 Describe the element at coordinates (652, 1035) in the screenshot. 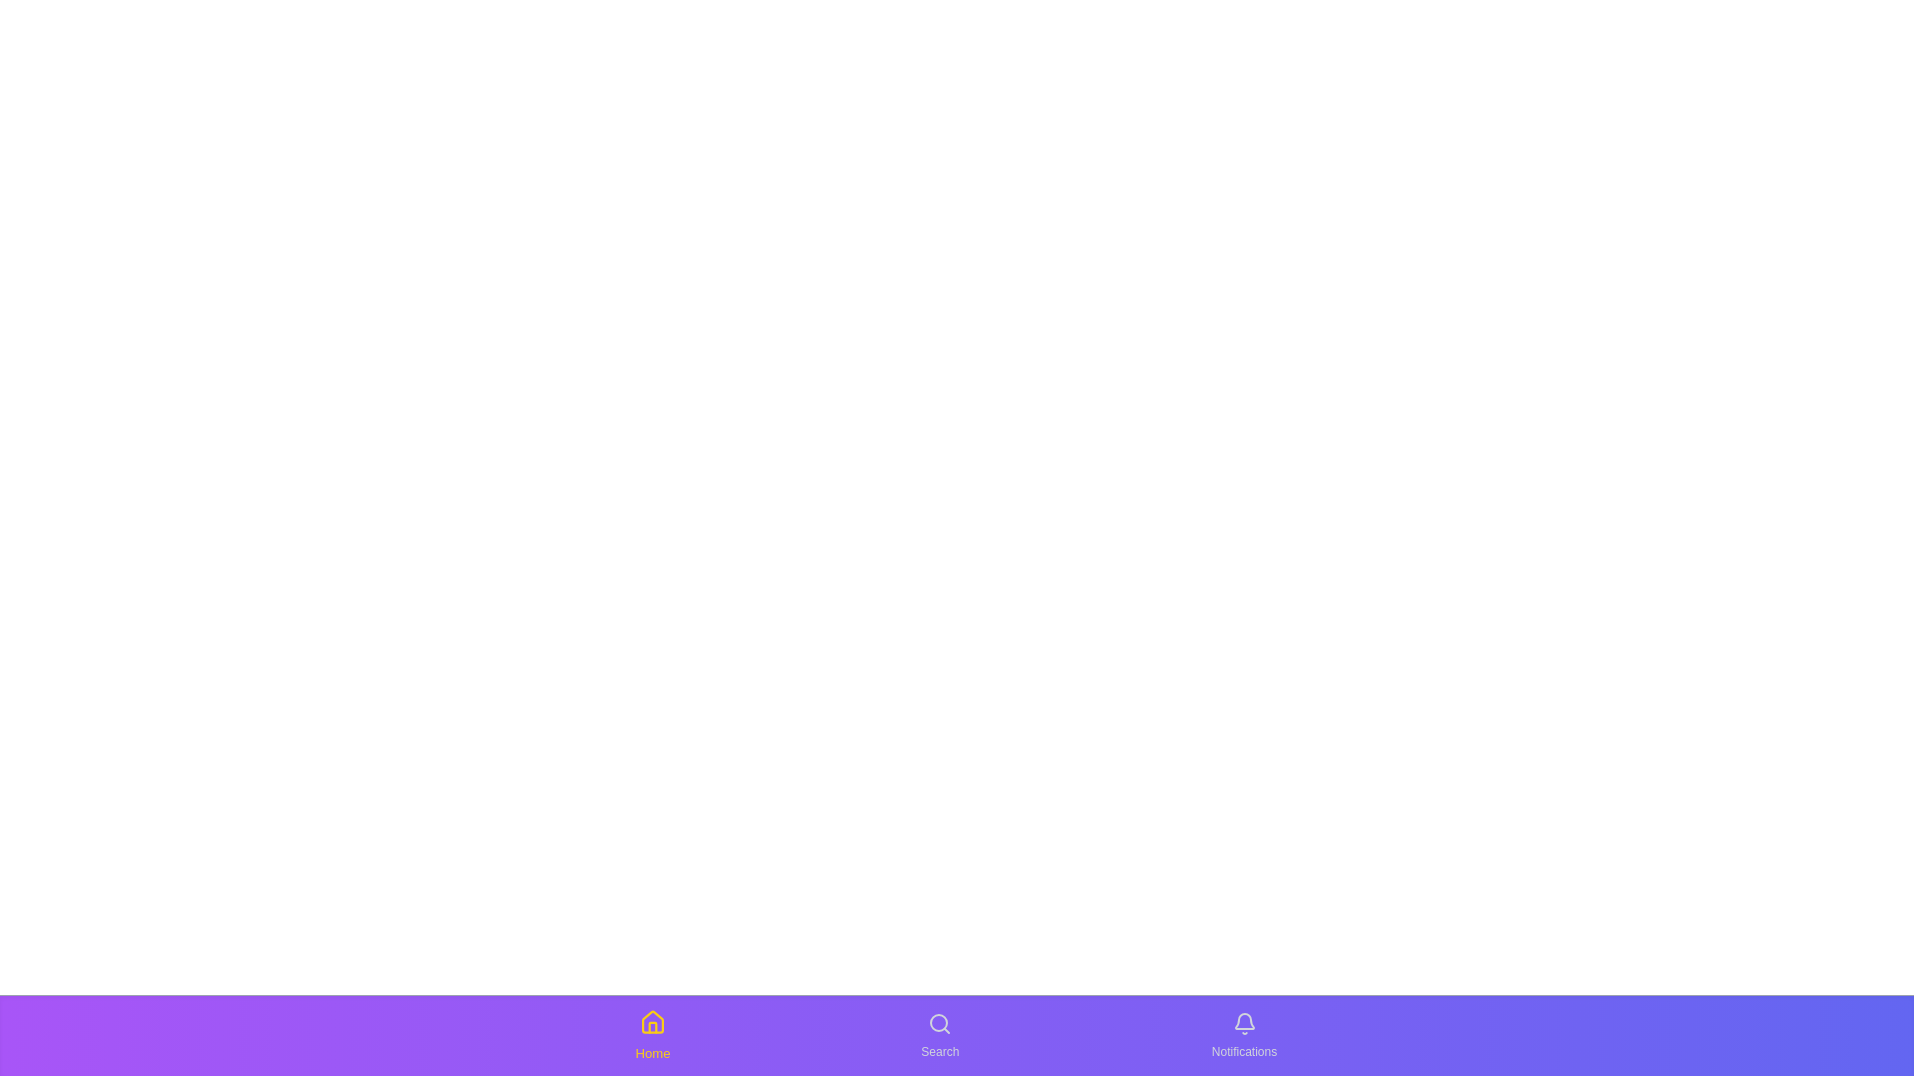

I see `the Home tab to switch to it` at that location.